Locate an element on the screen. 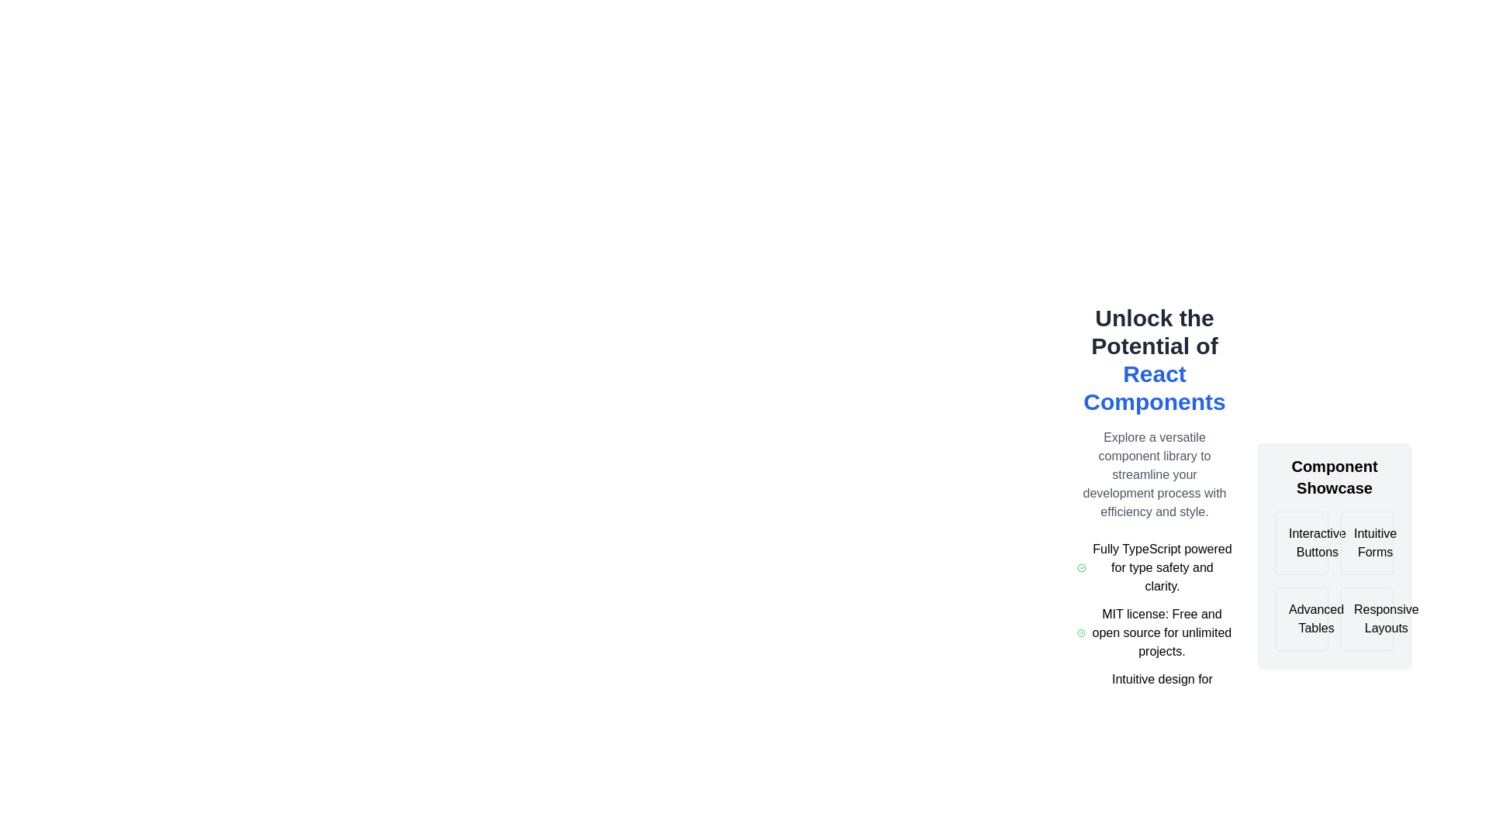 Image resolution: width=1489 pixels, height=837 pixels. the 'Interactive Buttons' informative box located in the top-left corner of the component grid under the 'Component Showcase' section is located at coordinates (1302, 542).